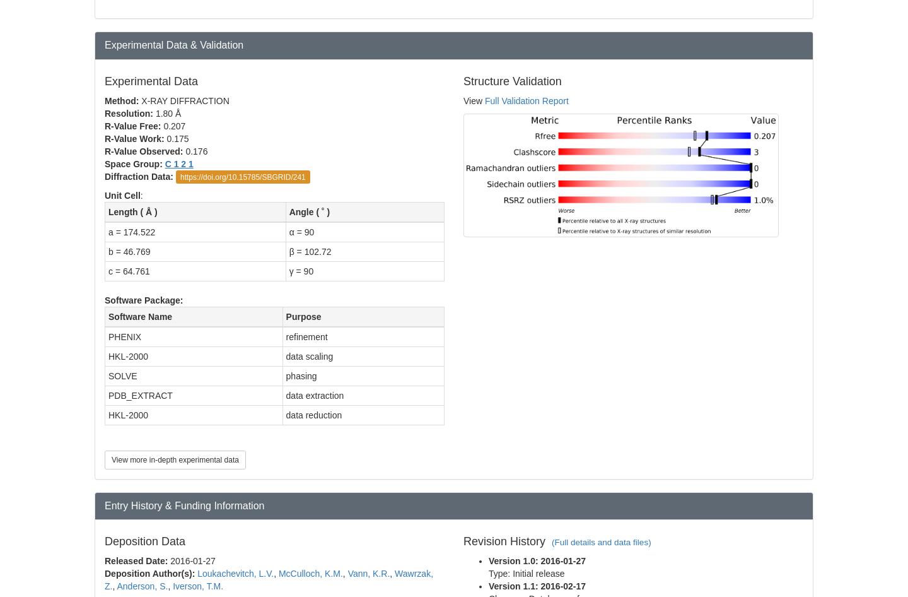 This screenshot has height=597, width=908. What do you see at coordinates (130, 112) in the screenshot?
I see `'Resolution:'` at bounding box center [130, 112].